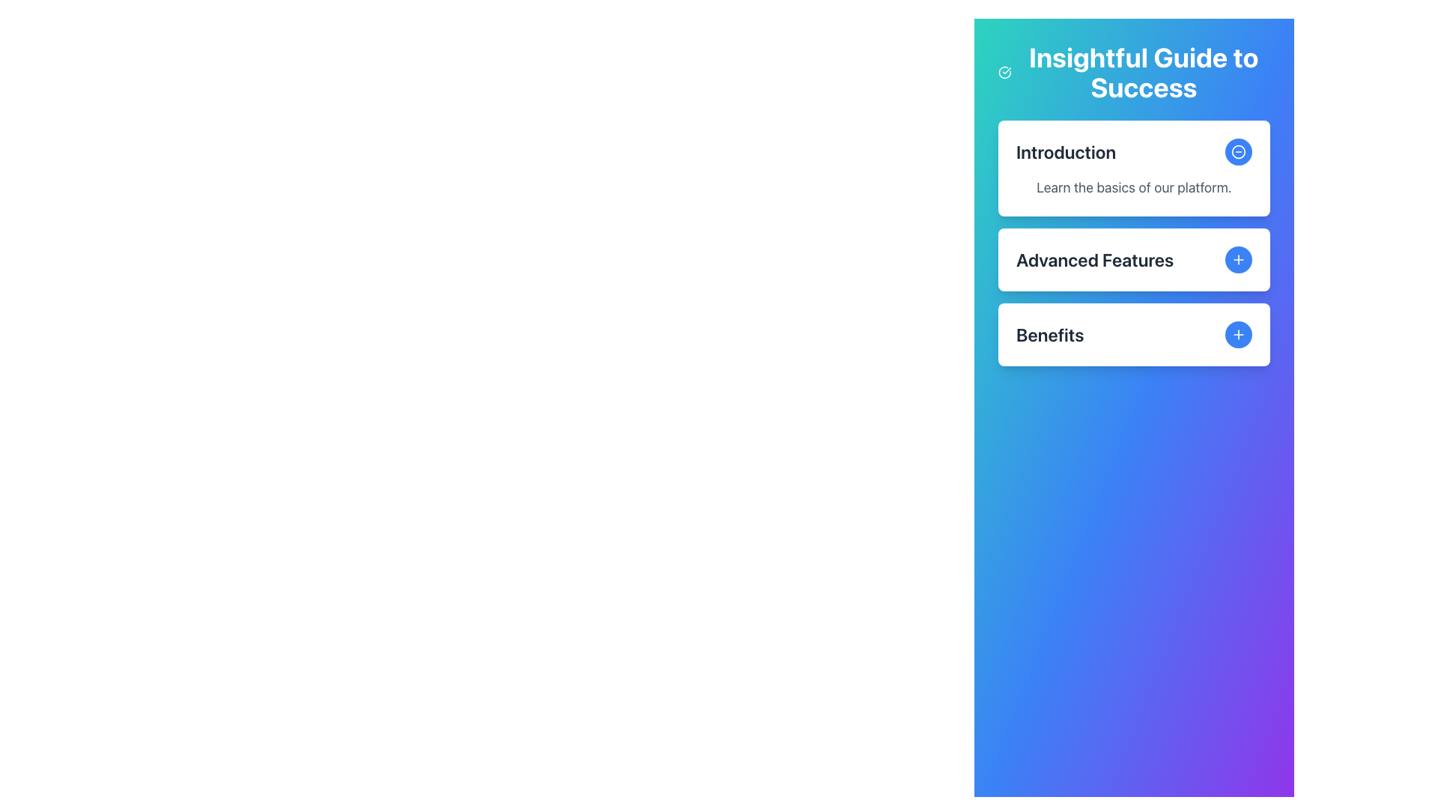 The width and height of the screenshot is (1438, 809). I want to click on the 'Advanced Features' text heading, which is styled in bold, large font and serves as a main title within the interface, positioned to the left of an interactive circular button with a plus sign, so click(1095, 259).